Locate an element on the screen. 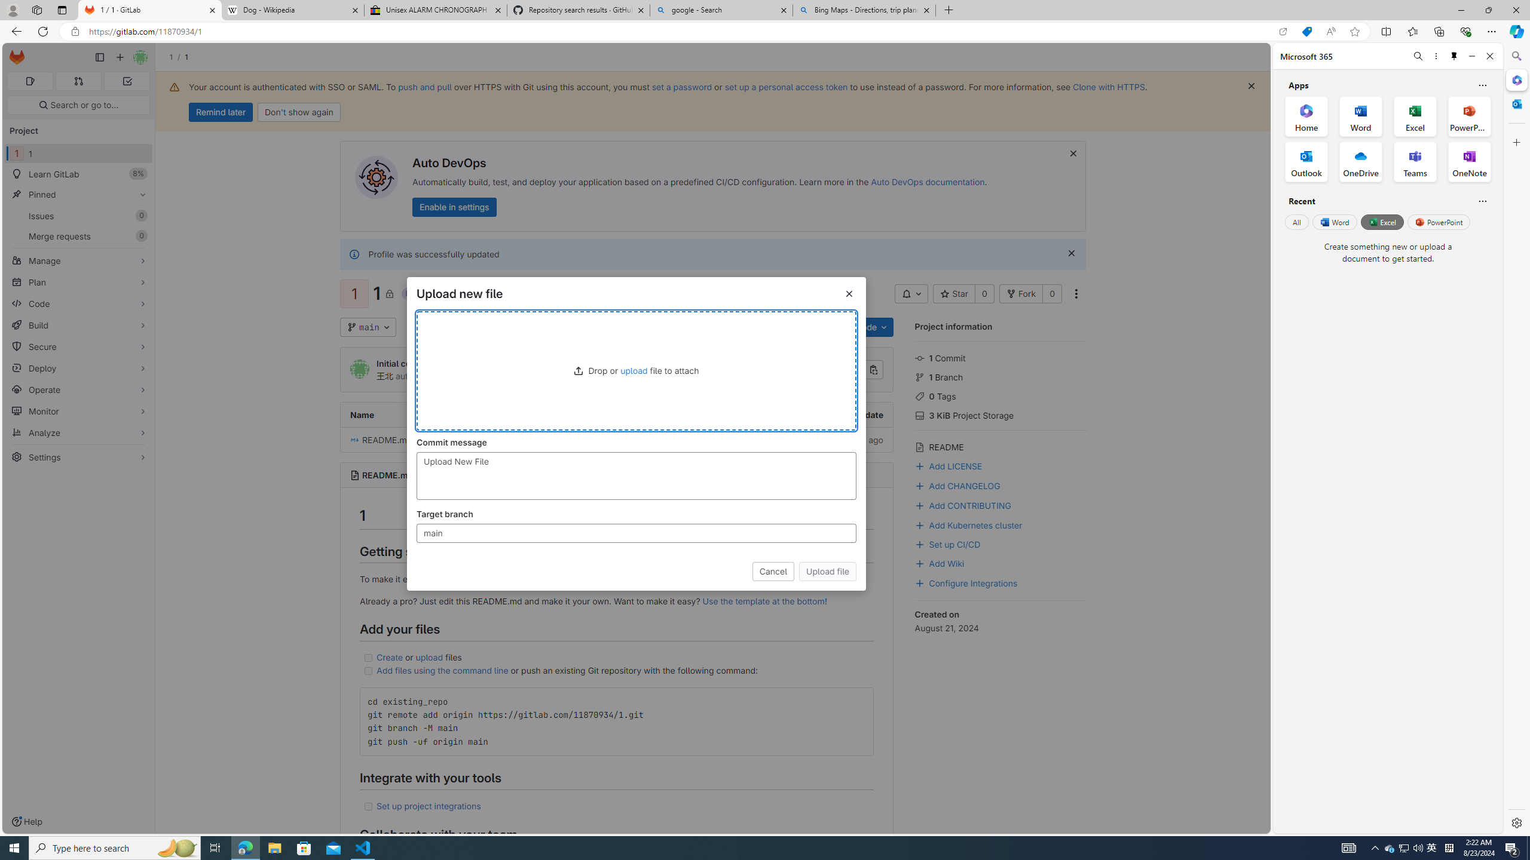  'Add CONTRIBUTING' is located at coordinates (1001, 505).